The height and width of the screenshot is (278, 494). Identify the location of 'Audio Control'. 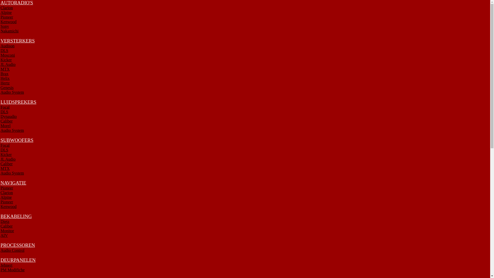
(0, 250).